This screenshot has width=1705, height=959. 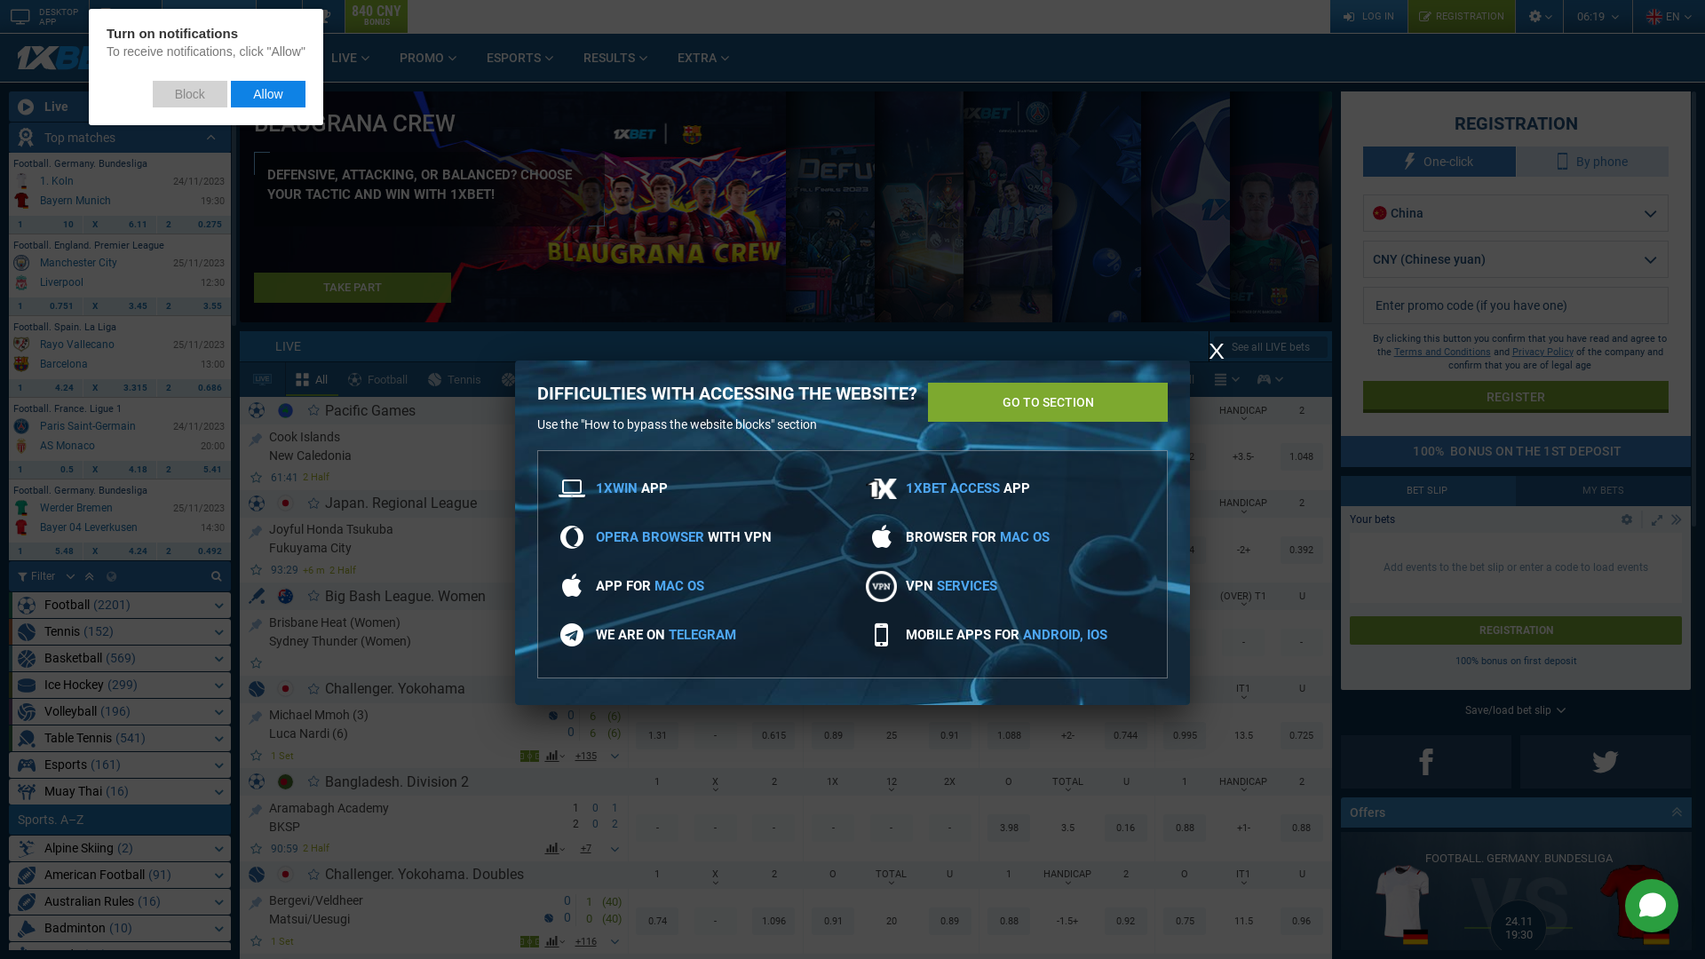 I want to click on 'X, so click(x=119, y=224).